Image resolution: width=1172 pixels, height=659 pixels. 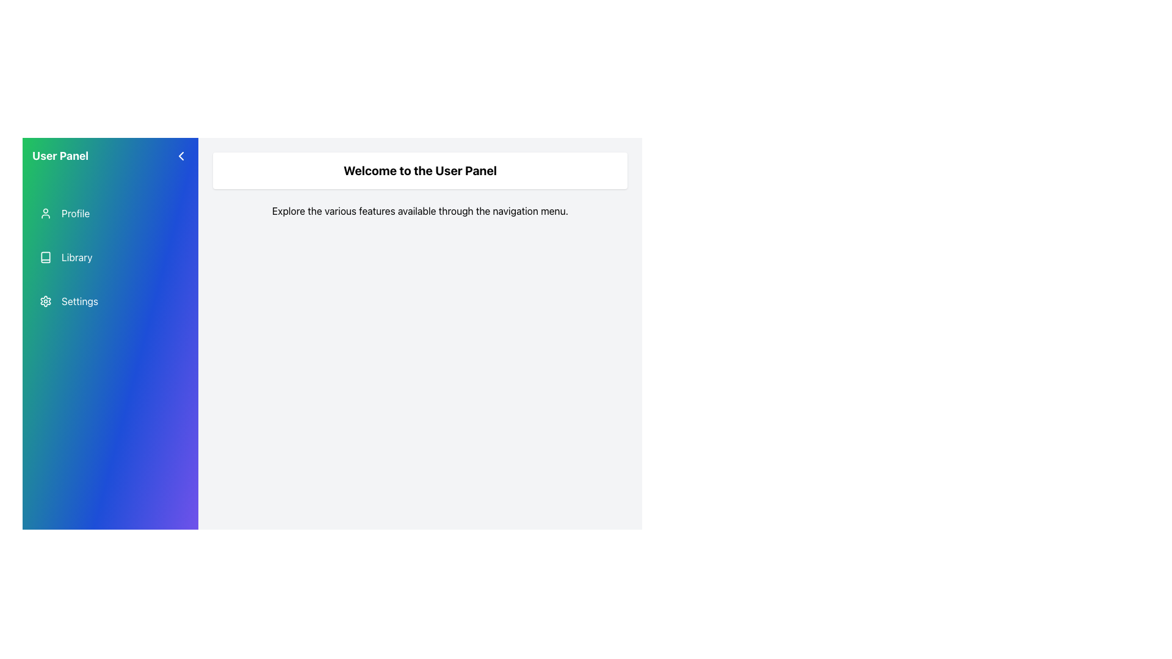 What do you see at coordinates (75, 213) in the screenshot?
I see `the 'Profile' text label in the sidebar navigation menu` at bounding box center [75, 213].